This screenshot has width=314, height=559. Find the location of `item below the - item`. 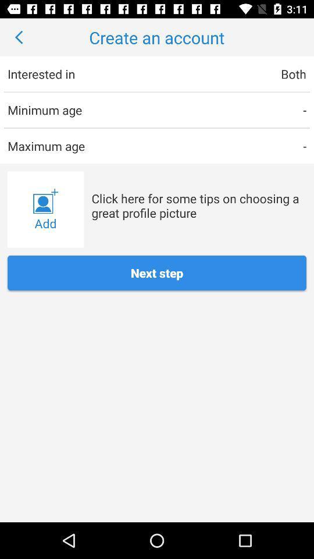

item below the - item is located at coordinates (198, 206).